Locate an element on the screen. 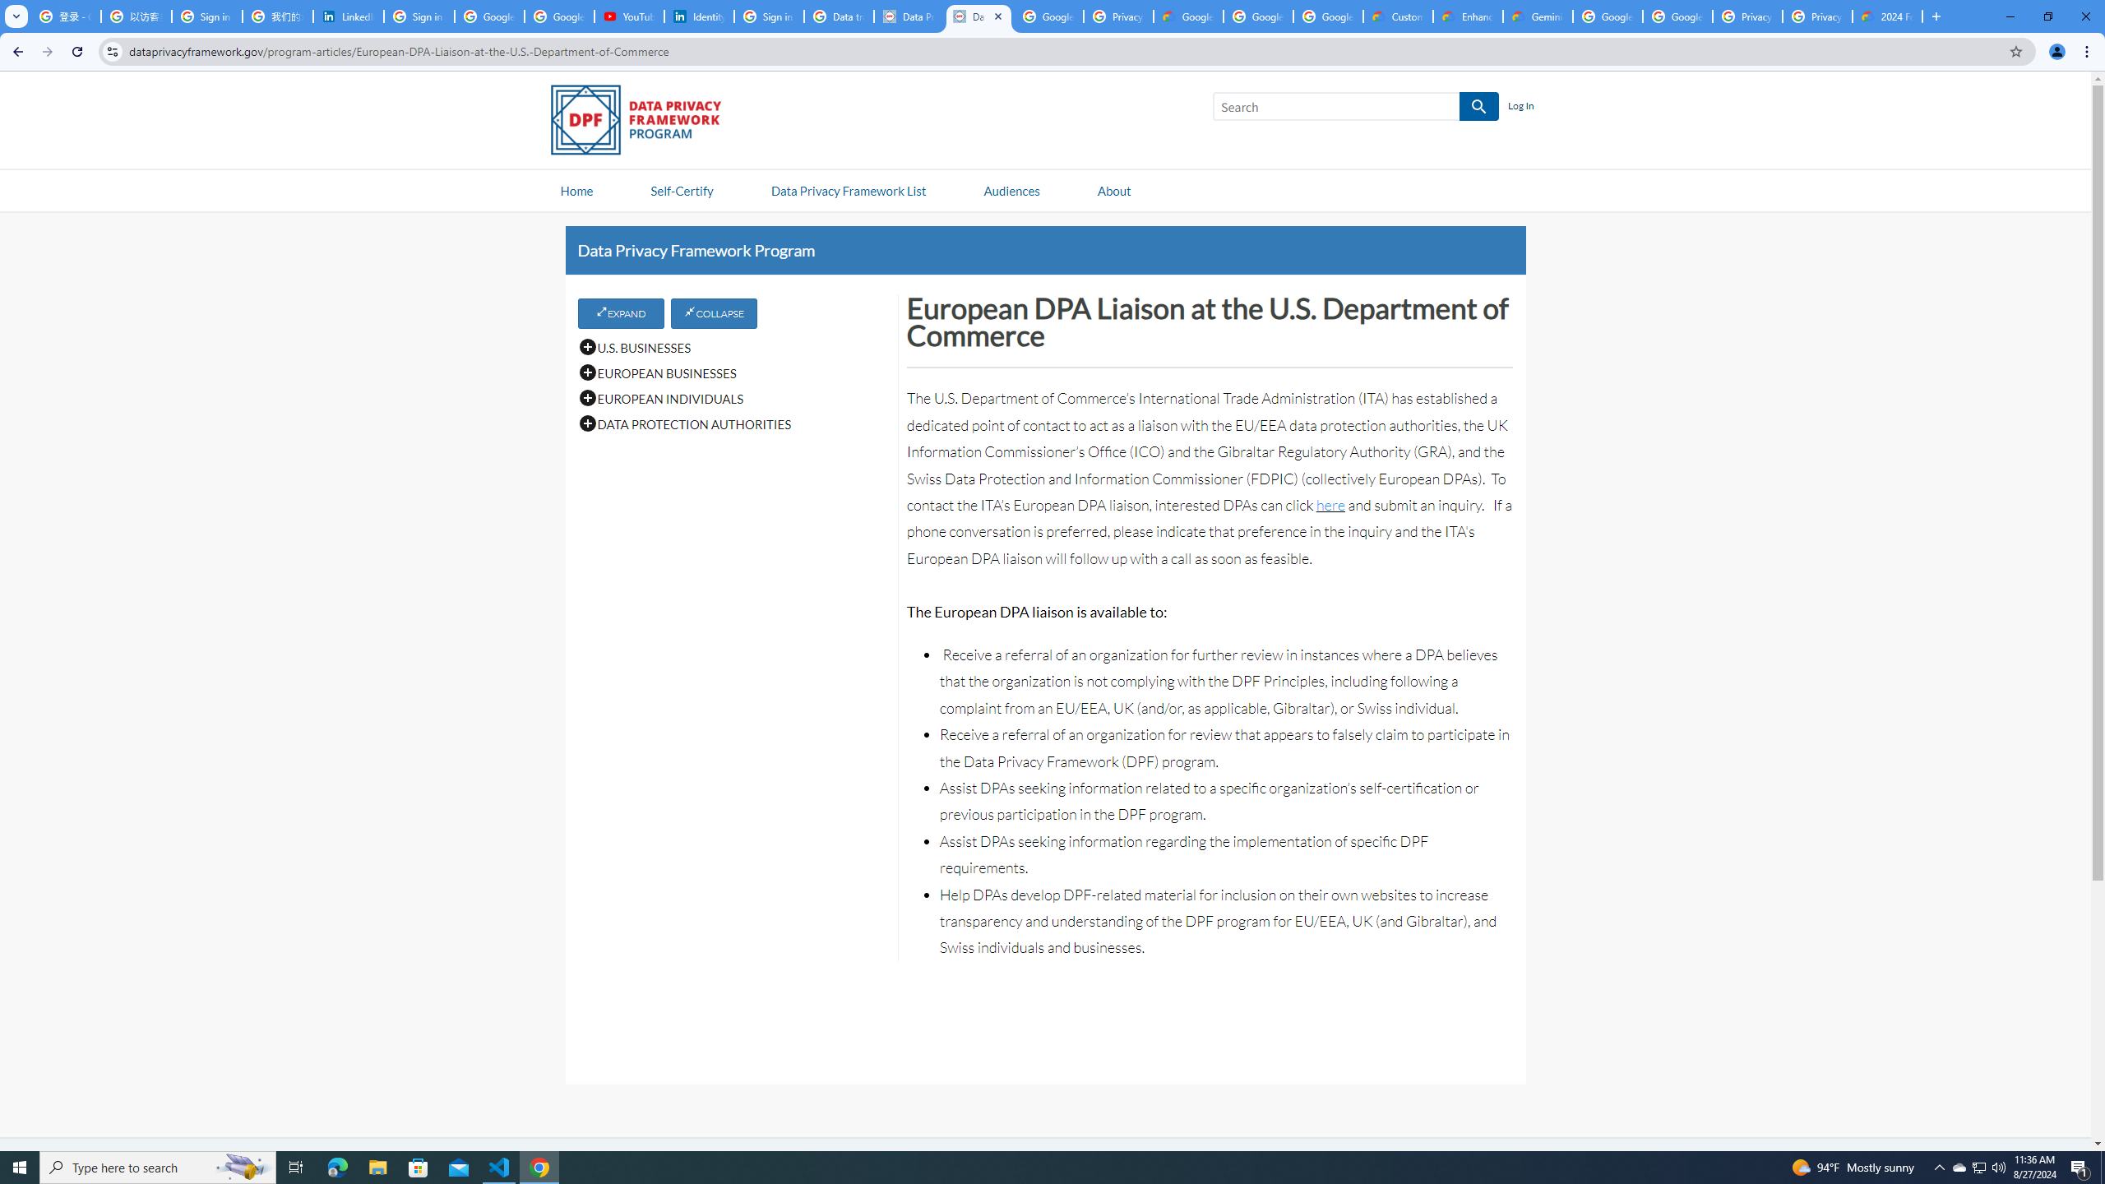 The height and width of the screenshot is (1184, 2105). 'Gemini for Business and Developers | Google Cloud' is located at coordinates (1538, 16).